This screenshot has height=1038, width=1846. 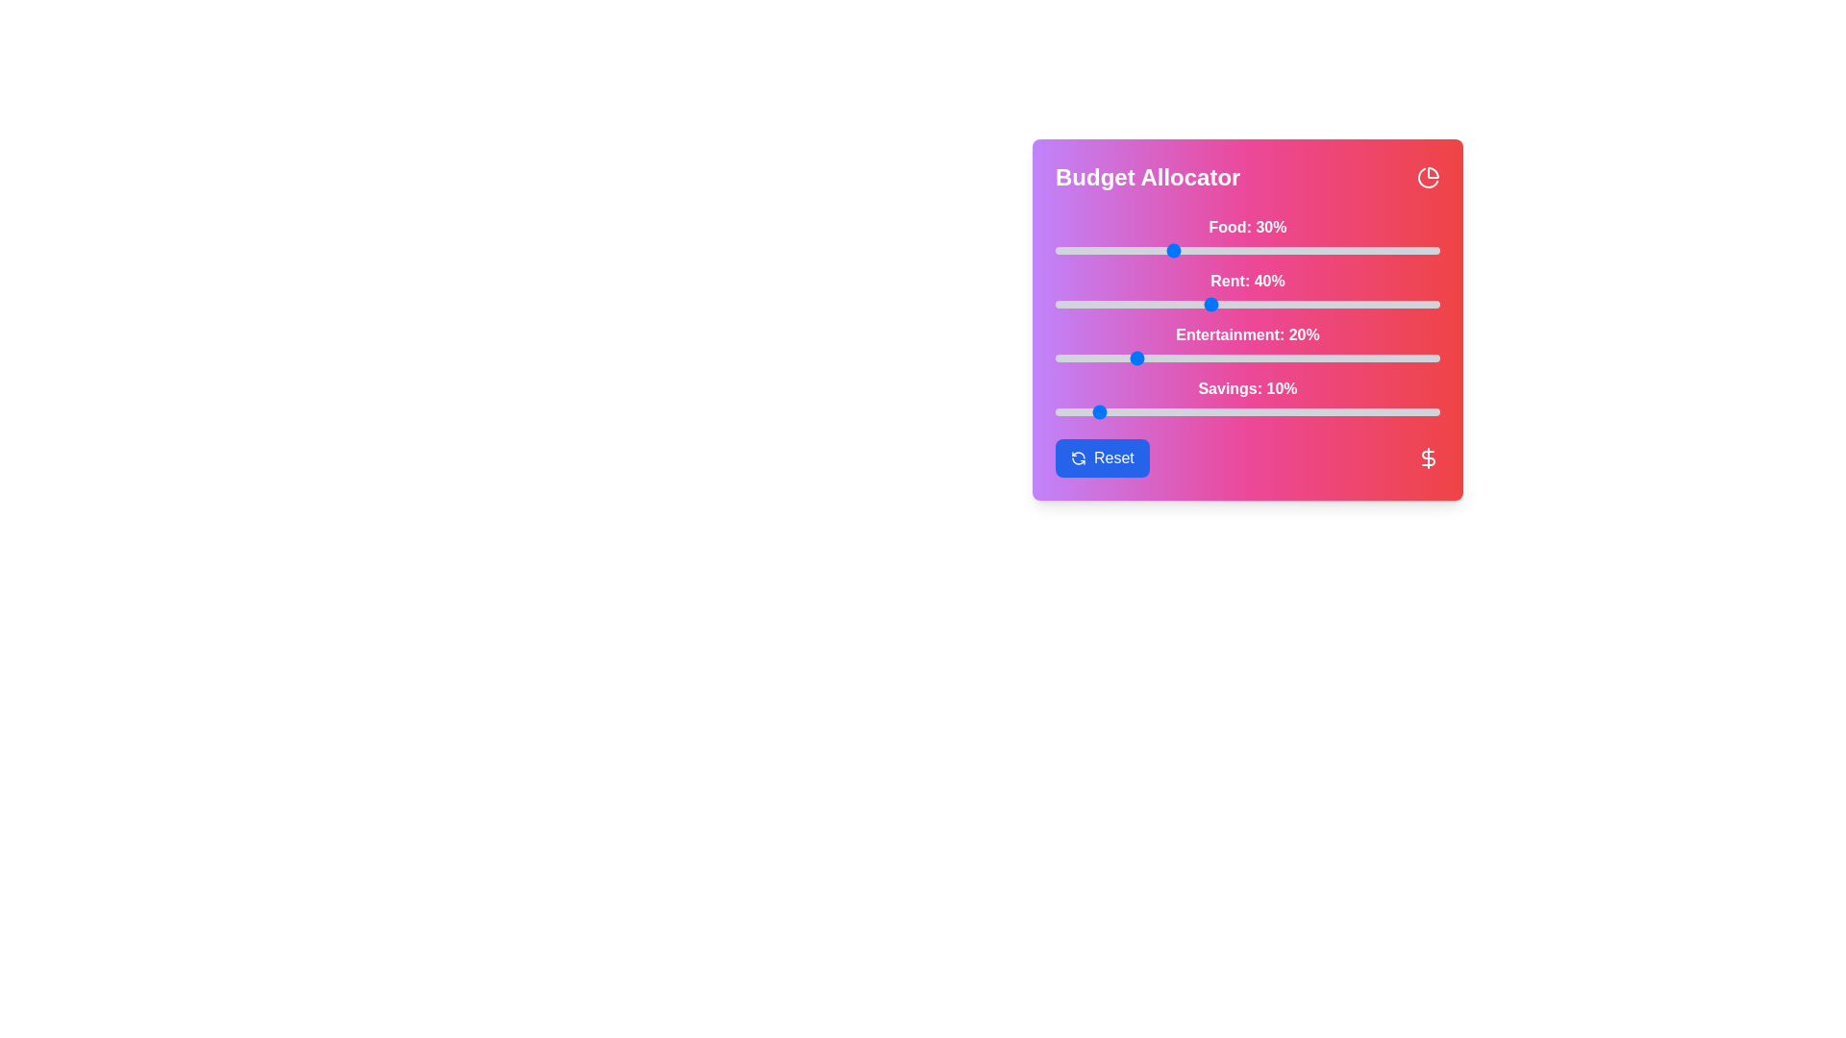 What do you see at coordinates (1158, 358) in the screenshot?
I see `the slider value` at bounding box center [1158, 358].